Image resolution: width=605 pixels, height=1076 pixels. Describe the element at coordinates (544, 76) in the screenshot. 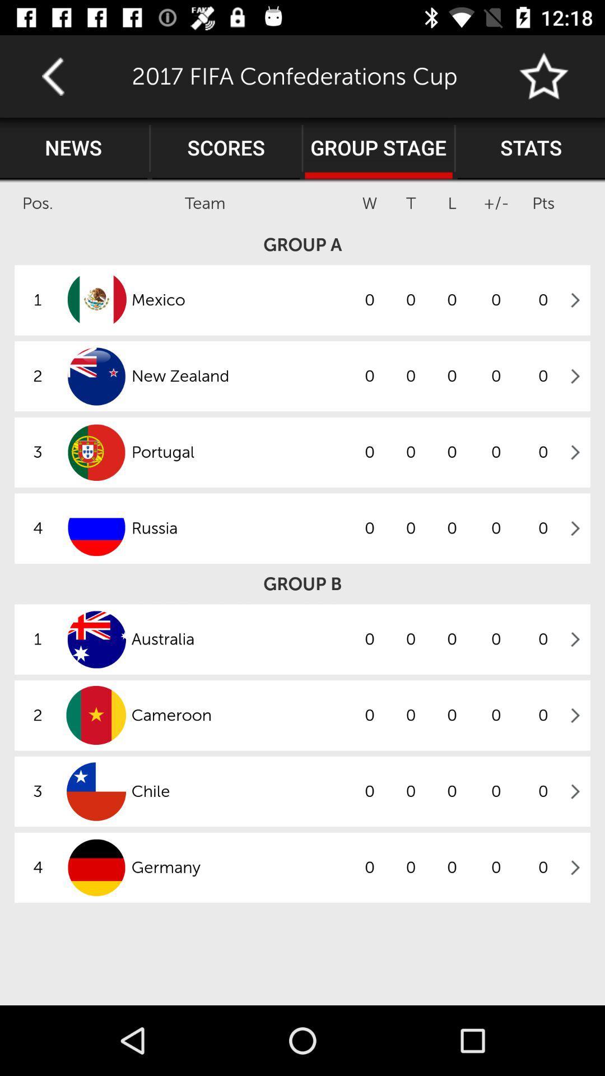

I see `the 2017 fifa cup` at that location.